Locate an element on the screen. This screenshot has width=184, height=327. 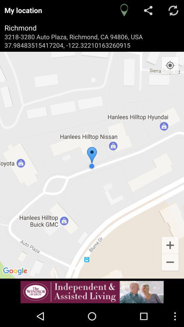
share is located at coordinates (149, 10).